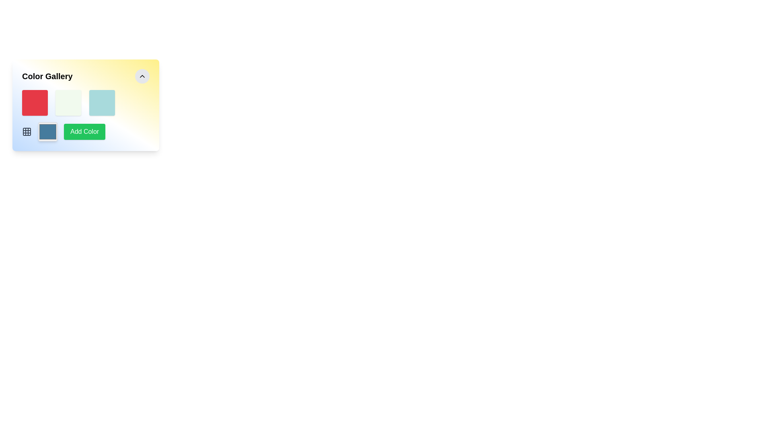 The image size is (772, 434). I want to click on the color swatch displaying hex code #457B9D, so click(47, 131).